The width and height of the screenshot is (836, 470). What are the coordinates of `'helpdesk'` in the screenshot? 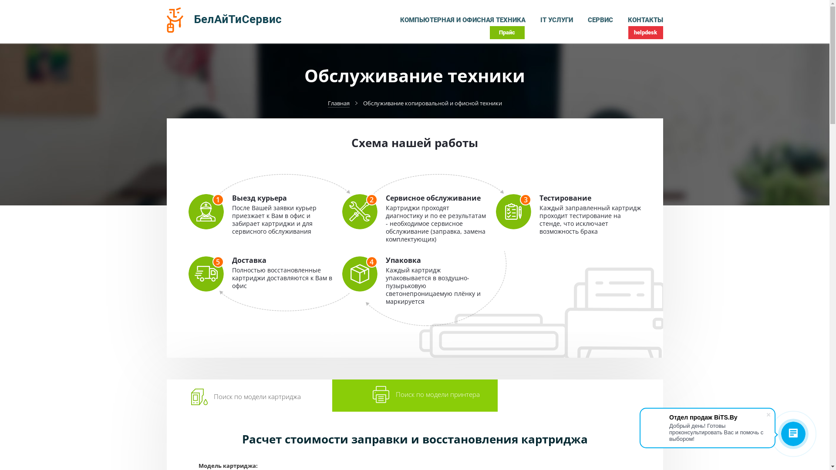 It's located at (645, 32).